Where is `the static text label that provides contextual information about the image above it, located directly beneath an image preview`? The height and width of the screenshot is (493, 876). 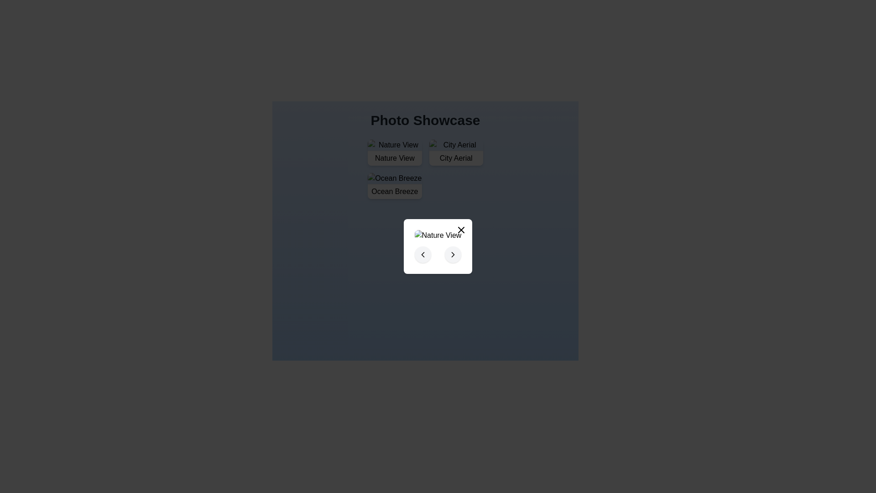
the static text label that provides contextual information about the image above it, located directly beneath an image preview is located at coordinates (395, 157).